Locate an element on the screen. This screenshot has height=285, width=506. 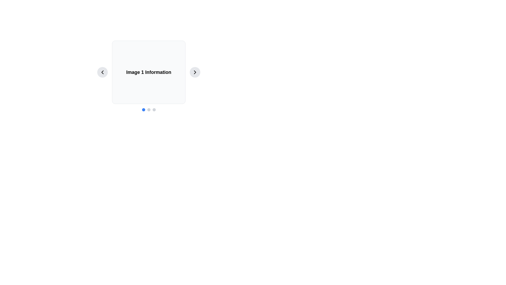
the second circular dot of the Navigation indicator, which is light gray and part of a sequence of three dots is located at coordinates (148, 110).